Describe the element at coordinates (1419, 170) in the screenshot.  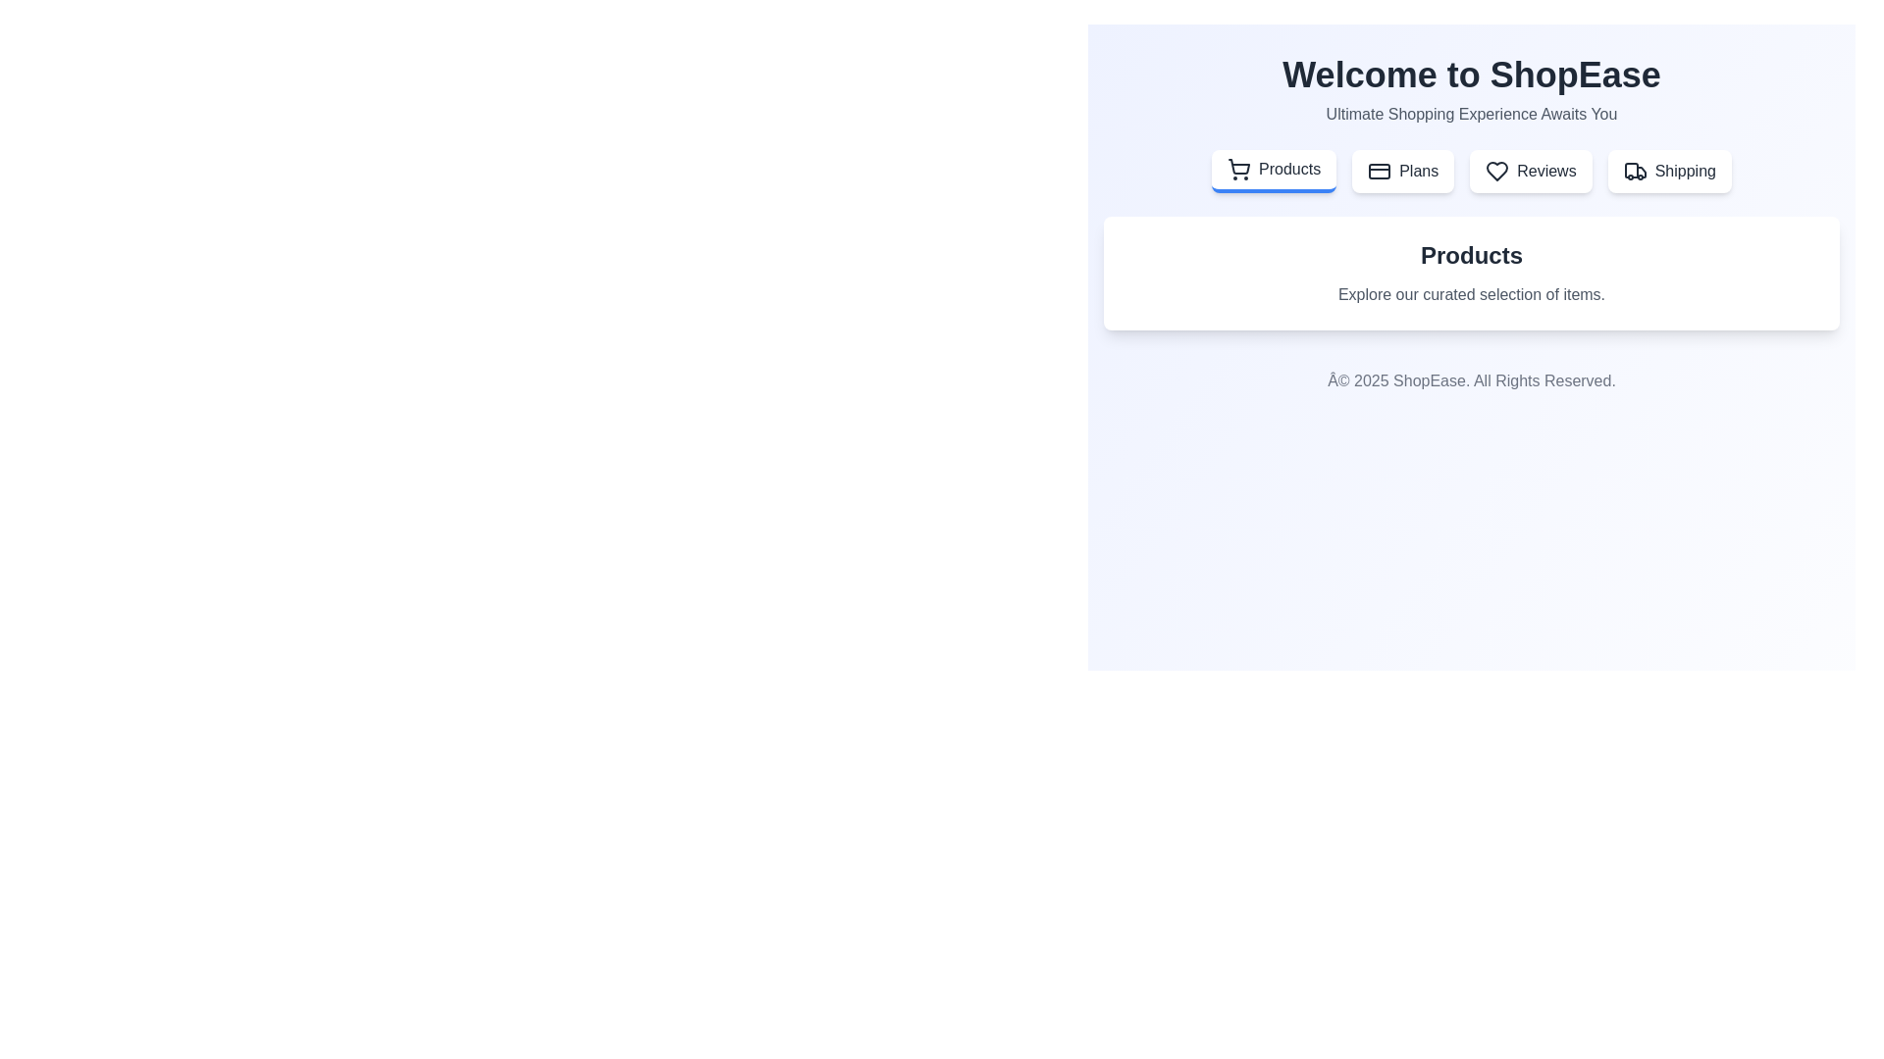
I see `the 'Plans' text label, which is part of a button in the horizontal menu located beneath the 'Welcome to ShopEase' header, to trigger visual feedback` at that location.